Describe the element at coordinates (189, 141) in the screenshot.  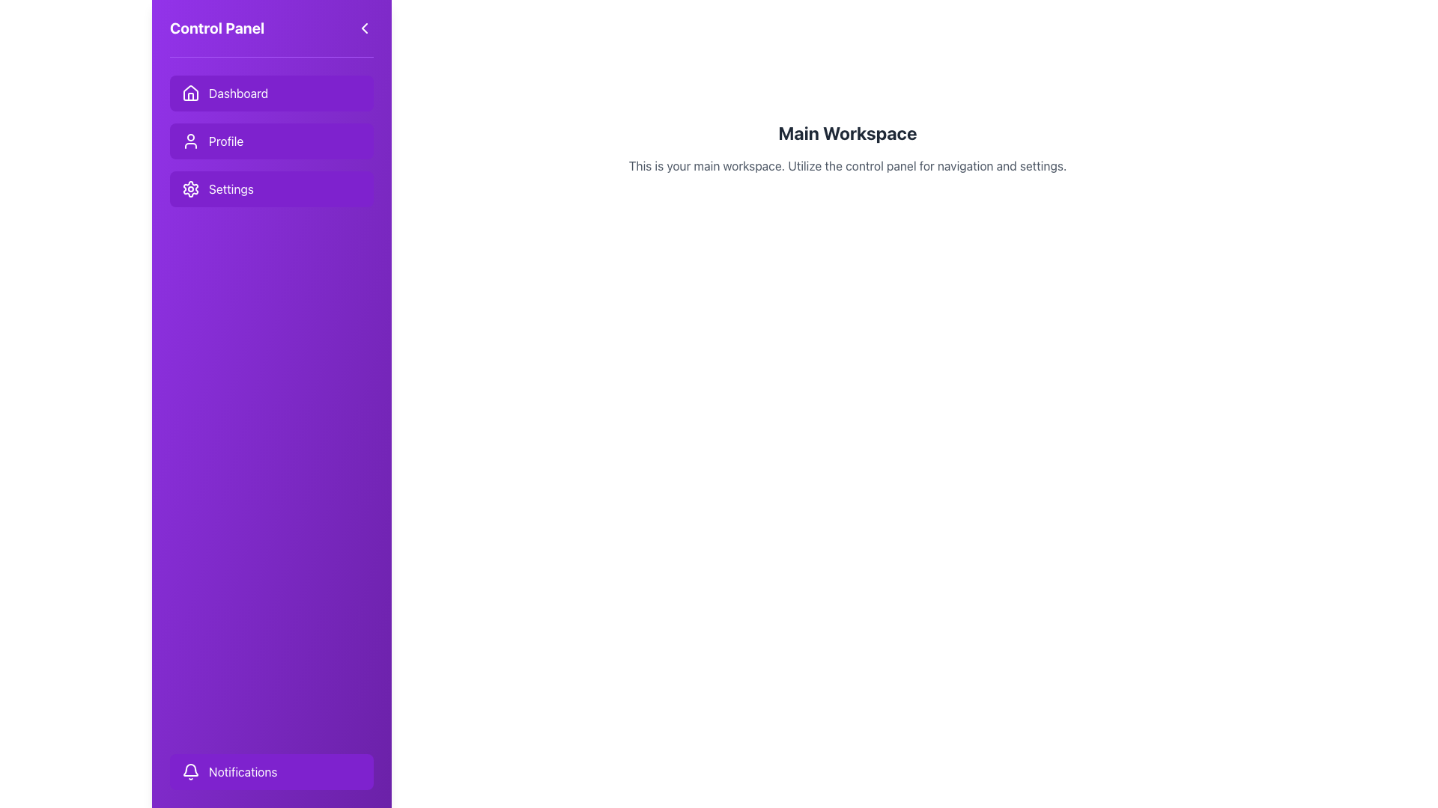
I see `the 'Profile' button icon located on the left sidebar of the application, situated between the 'Dashboard' and 'Settings' buttons` at that location.